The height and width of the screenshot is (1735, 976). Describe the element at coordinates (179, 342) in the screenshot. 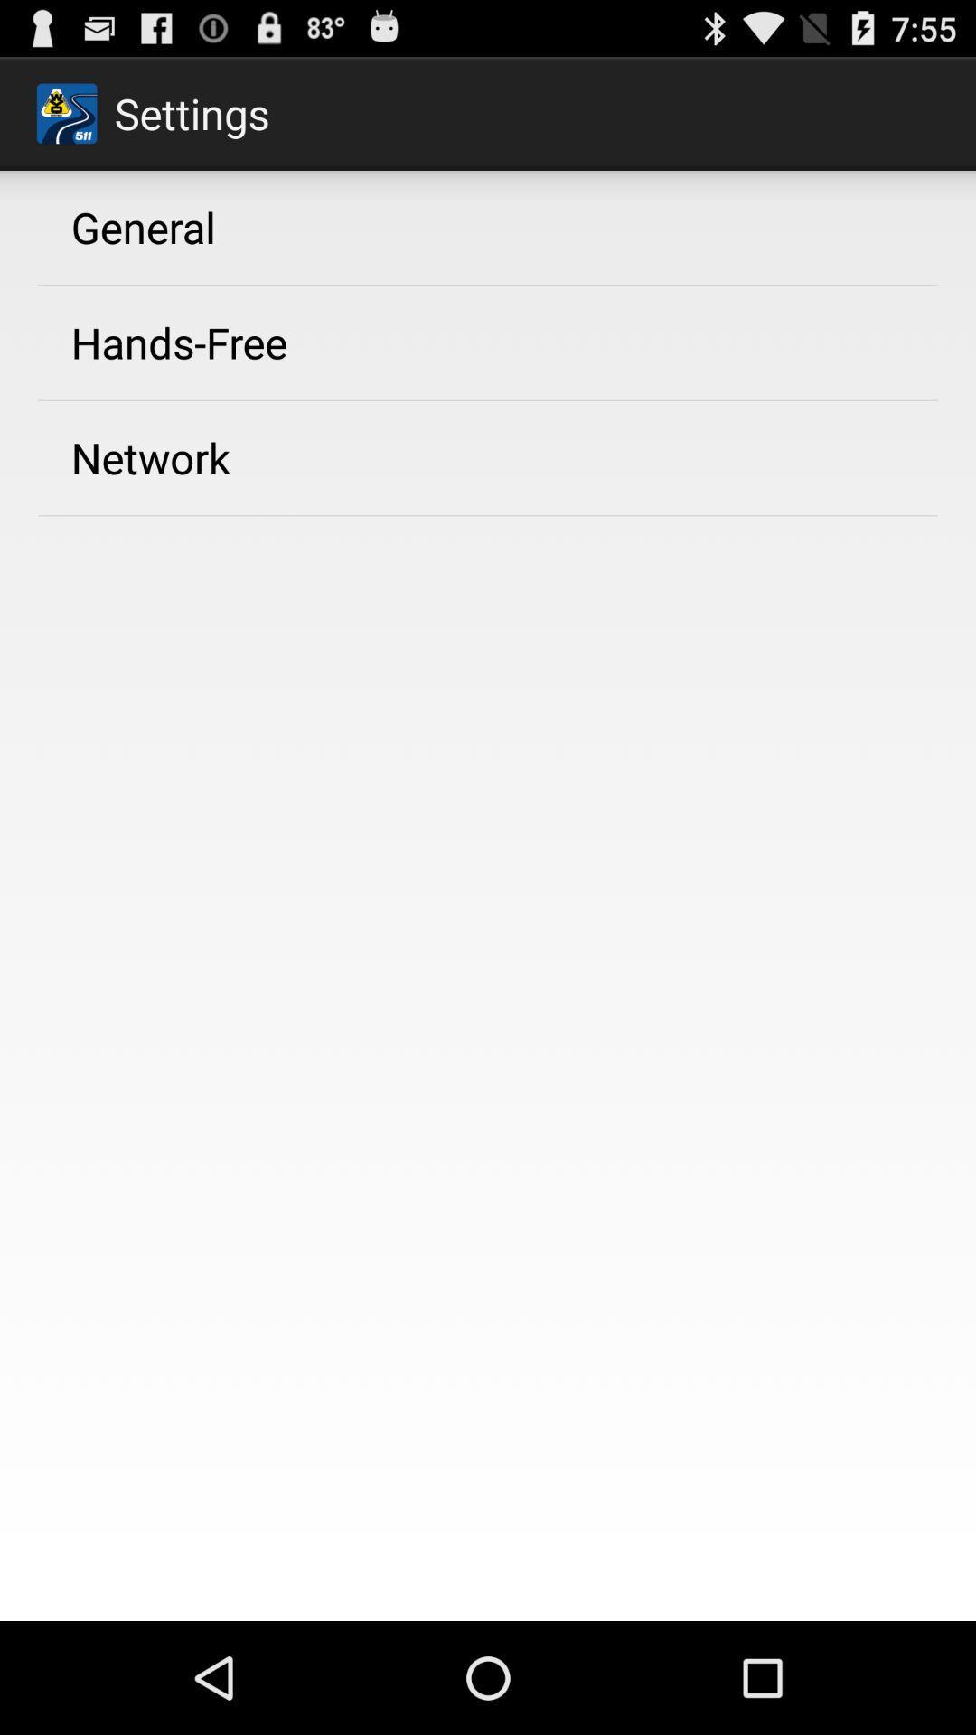

I see `the hands-free app` at that location.